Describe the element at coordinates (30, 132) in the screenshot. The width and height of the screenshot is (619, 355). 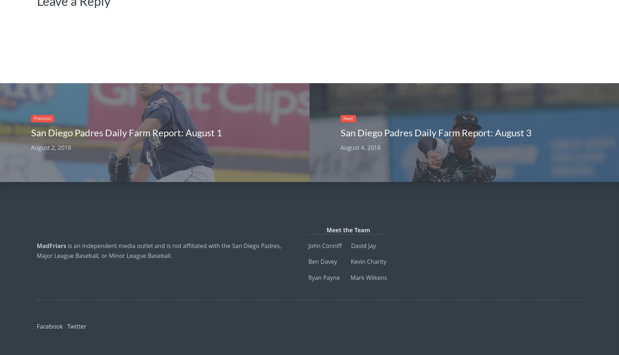
I see `'San Diego Padres Daily Farm Report: August 1'` at that location.